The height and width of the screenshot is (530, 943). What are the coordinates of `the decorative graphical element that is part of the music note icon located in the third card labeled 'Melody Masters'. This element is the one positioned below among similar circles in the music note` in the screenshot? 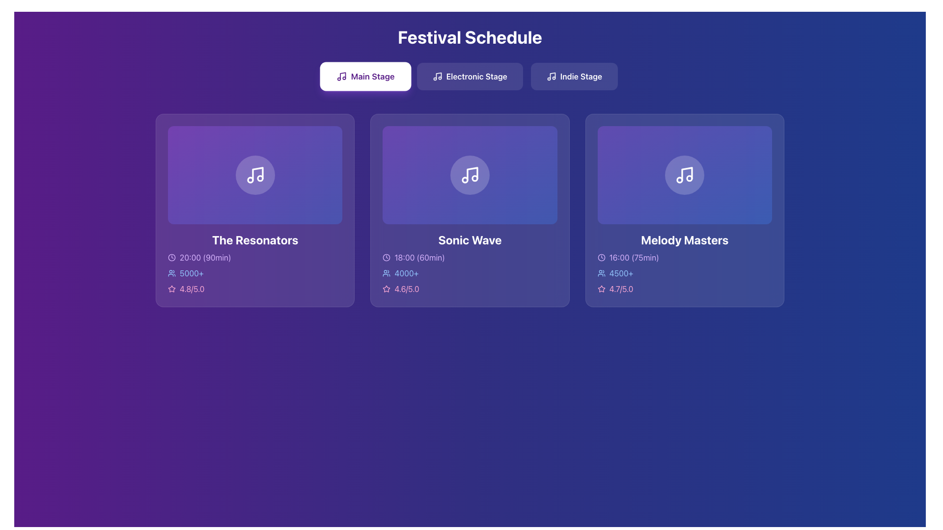 It's located at (679, 180).